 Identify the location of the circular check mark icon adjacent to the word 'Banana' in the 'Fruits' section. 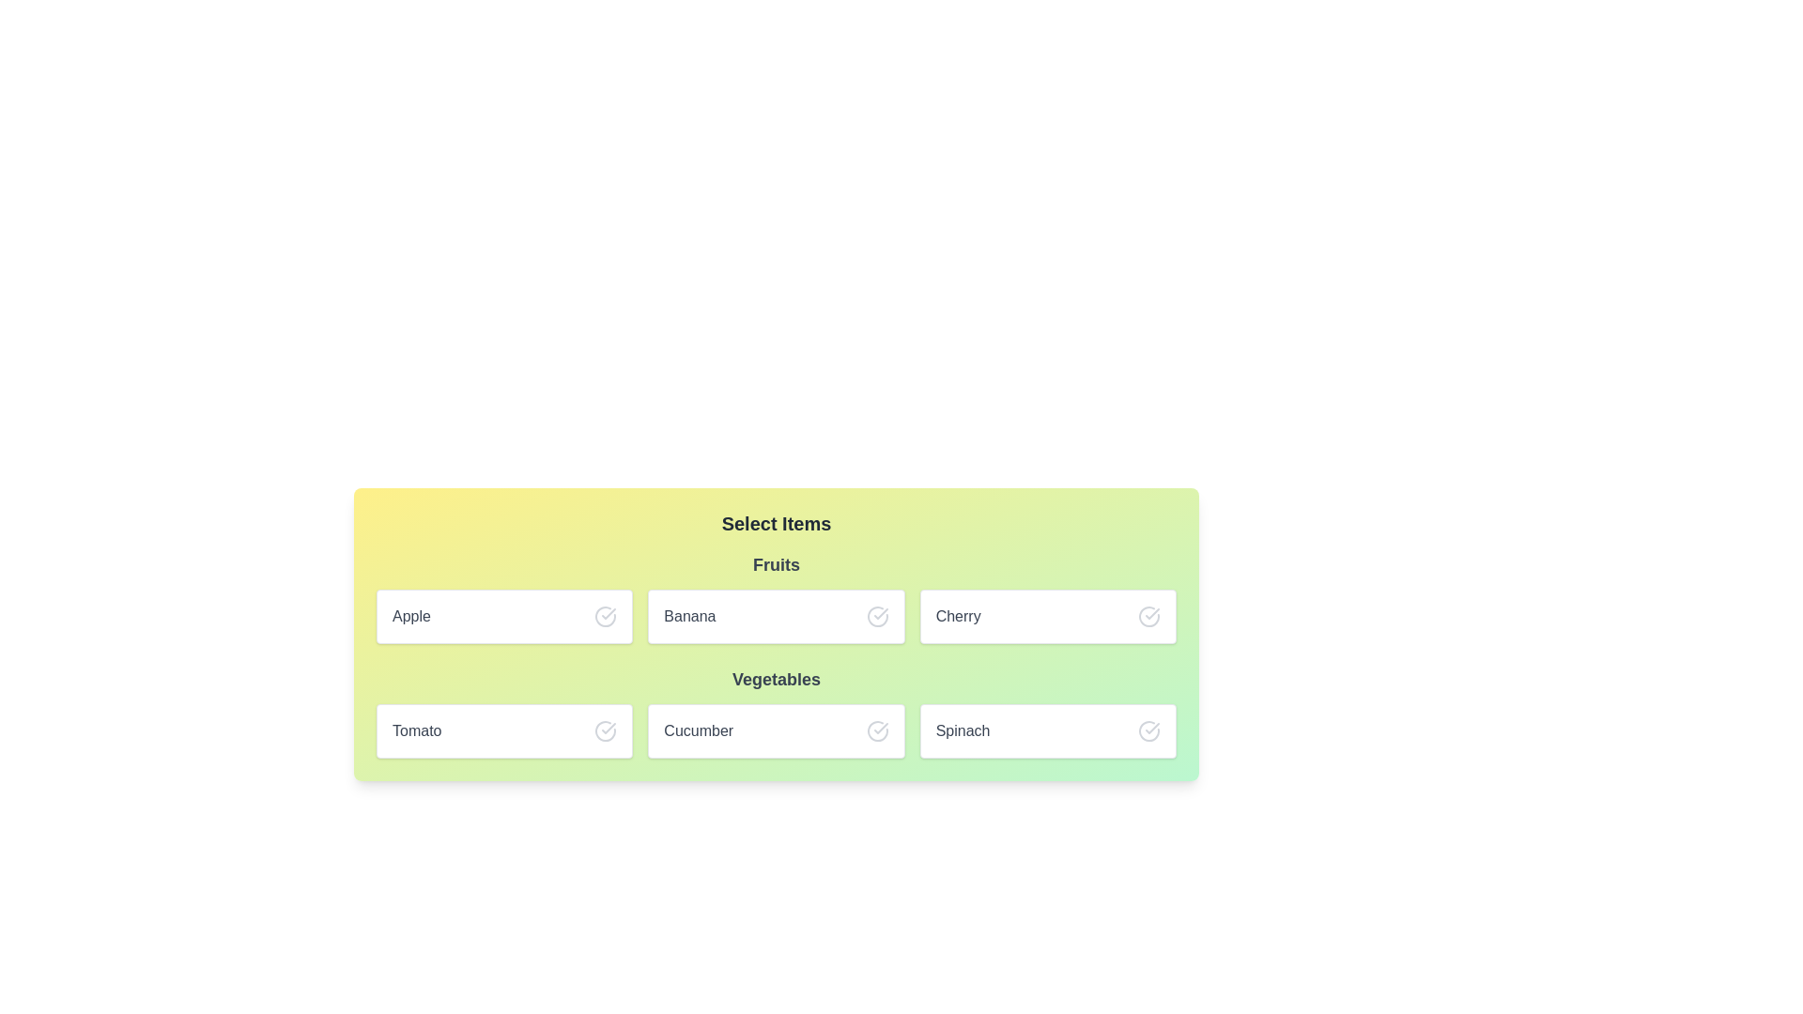
(876, 616).